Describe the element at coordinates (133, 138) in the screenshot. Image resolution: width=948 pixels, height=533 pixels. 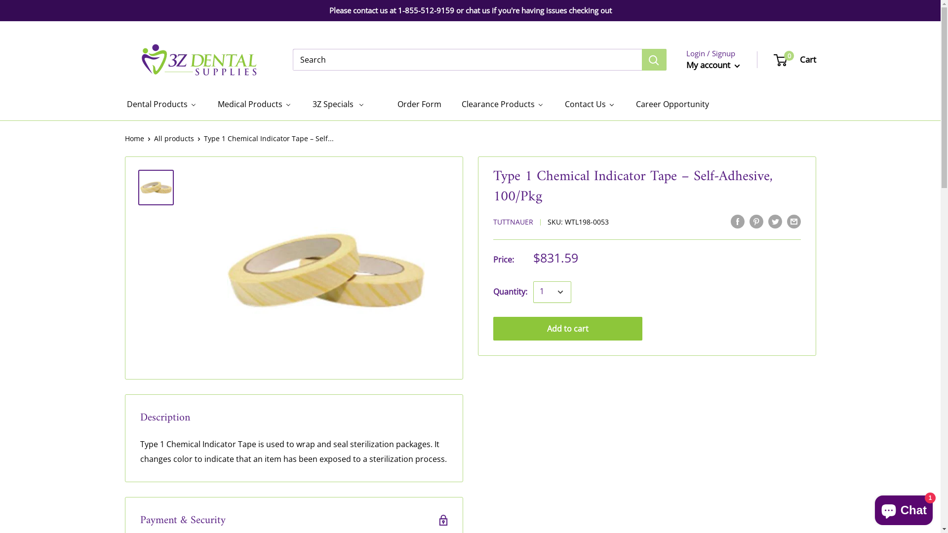
I see `'Home'` at that location.